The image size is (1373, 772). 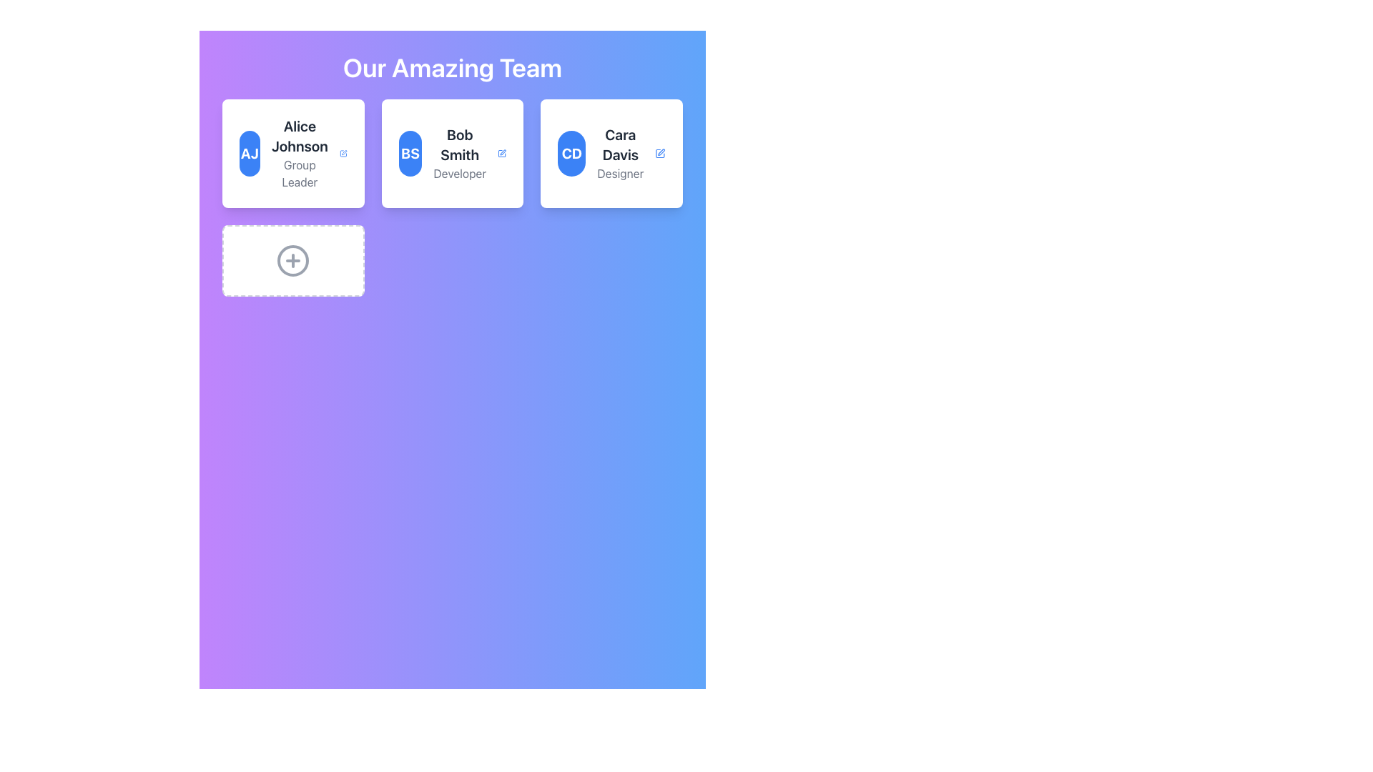 What do you see at coordinates (250, 154) in the screenshot?
I see `the circular badge displaying 'AJ' in white against a blue background, which is located within a white card next to the text 'Alice Johnson' and 'Group Leader'` at bounding box center [250, 154].